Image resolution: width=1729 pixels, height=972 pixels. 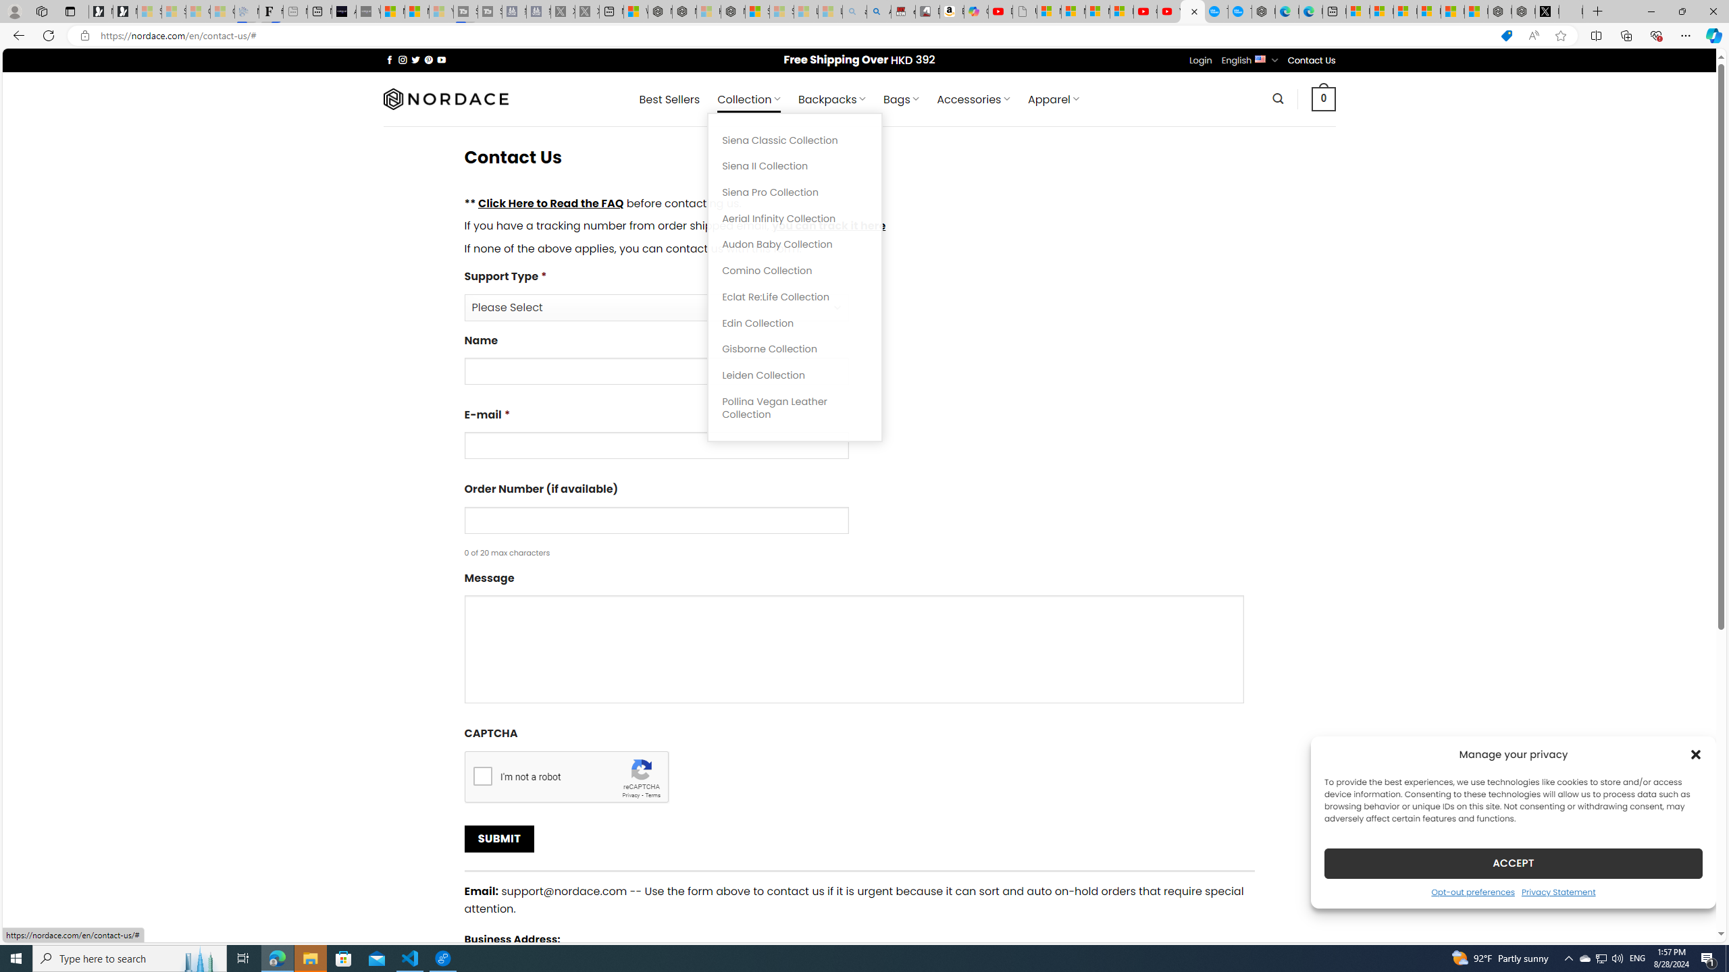 What do you see at coordinates (1381, 11) in the screenshot?
I see `'Microsoft account | Microsoft Account Privacy Settings'` at bounding box center [1381, 11].